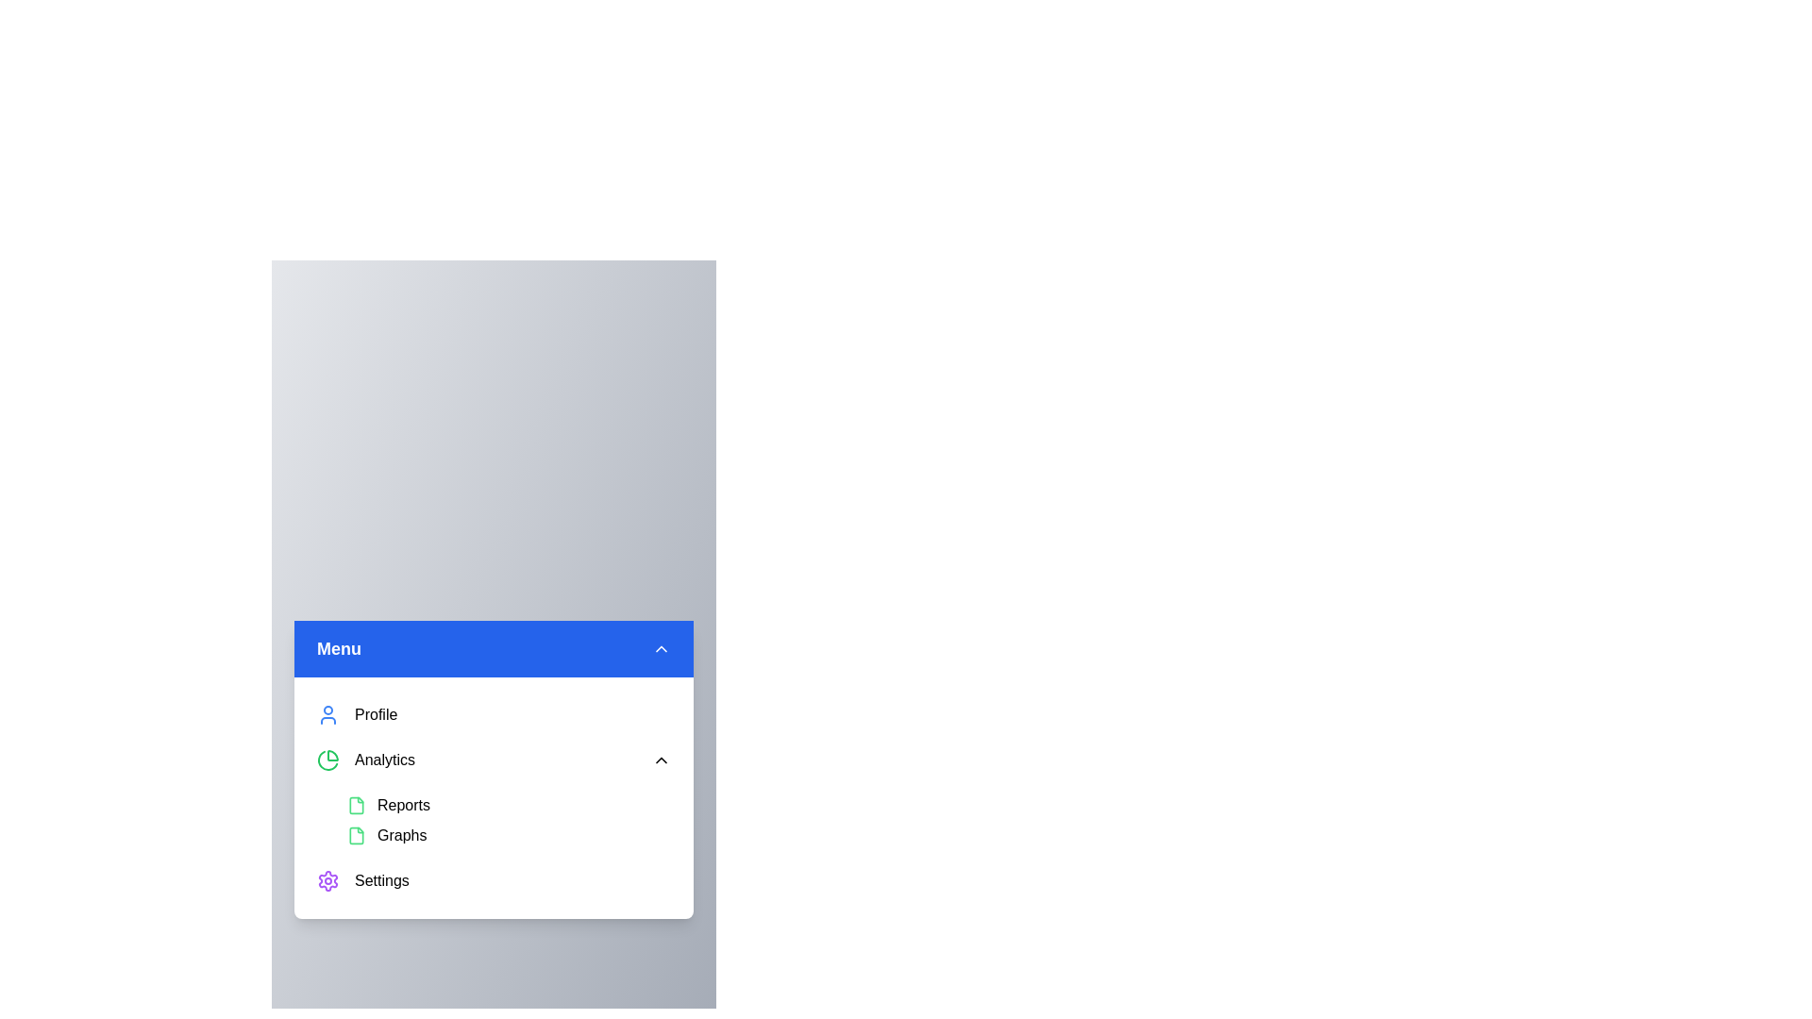 The width and height of the screenshot is (1812, 1019). What do you see at coordinates (402, 805) in the screenshot?
I see `the 'Reports' text label, which is a medium-sized black font adjacent to a green document icon` at bounding box center [402, 805].